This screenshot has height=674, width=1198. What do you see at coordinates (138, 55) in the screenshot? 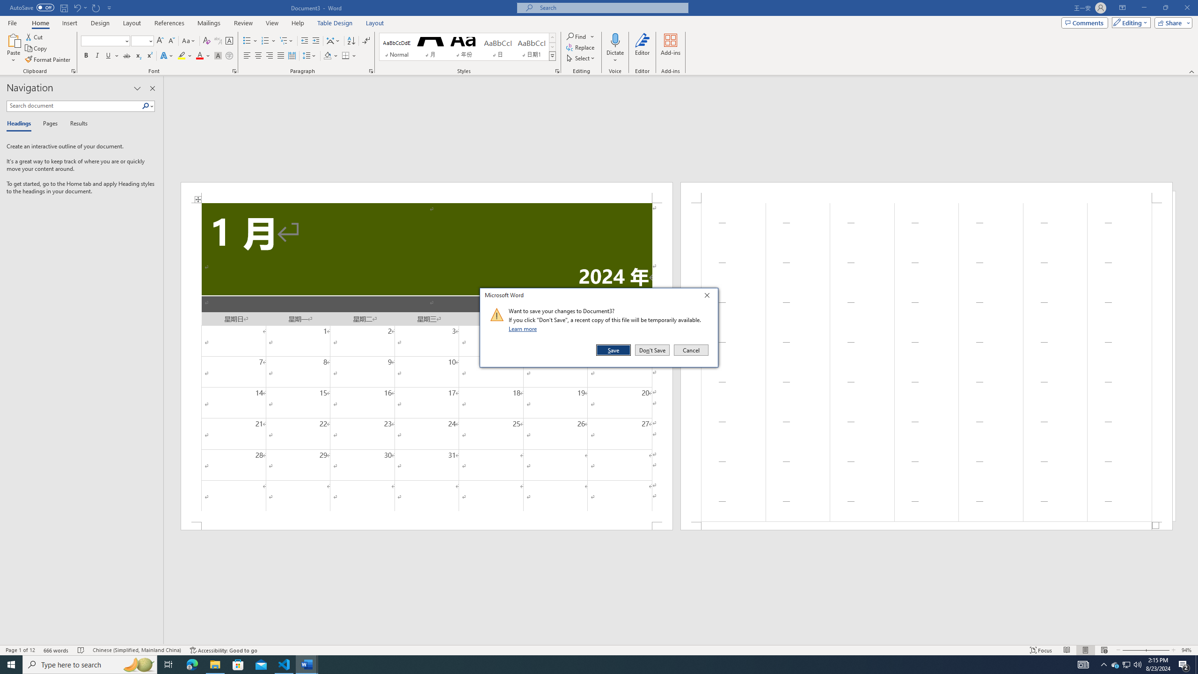
I see `'Subscript'` at bounding box center [138, 55].